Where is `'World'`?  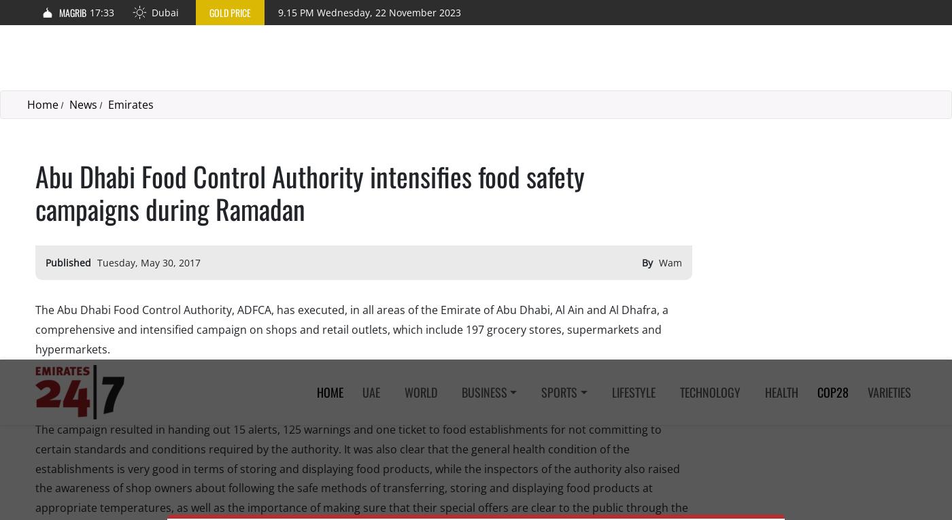 'World' is located at coordinates (420, 31).